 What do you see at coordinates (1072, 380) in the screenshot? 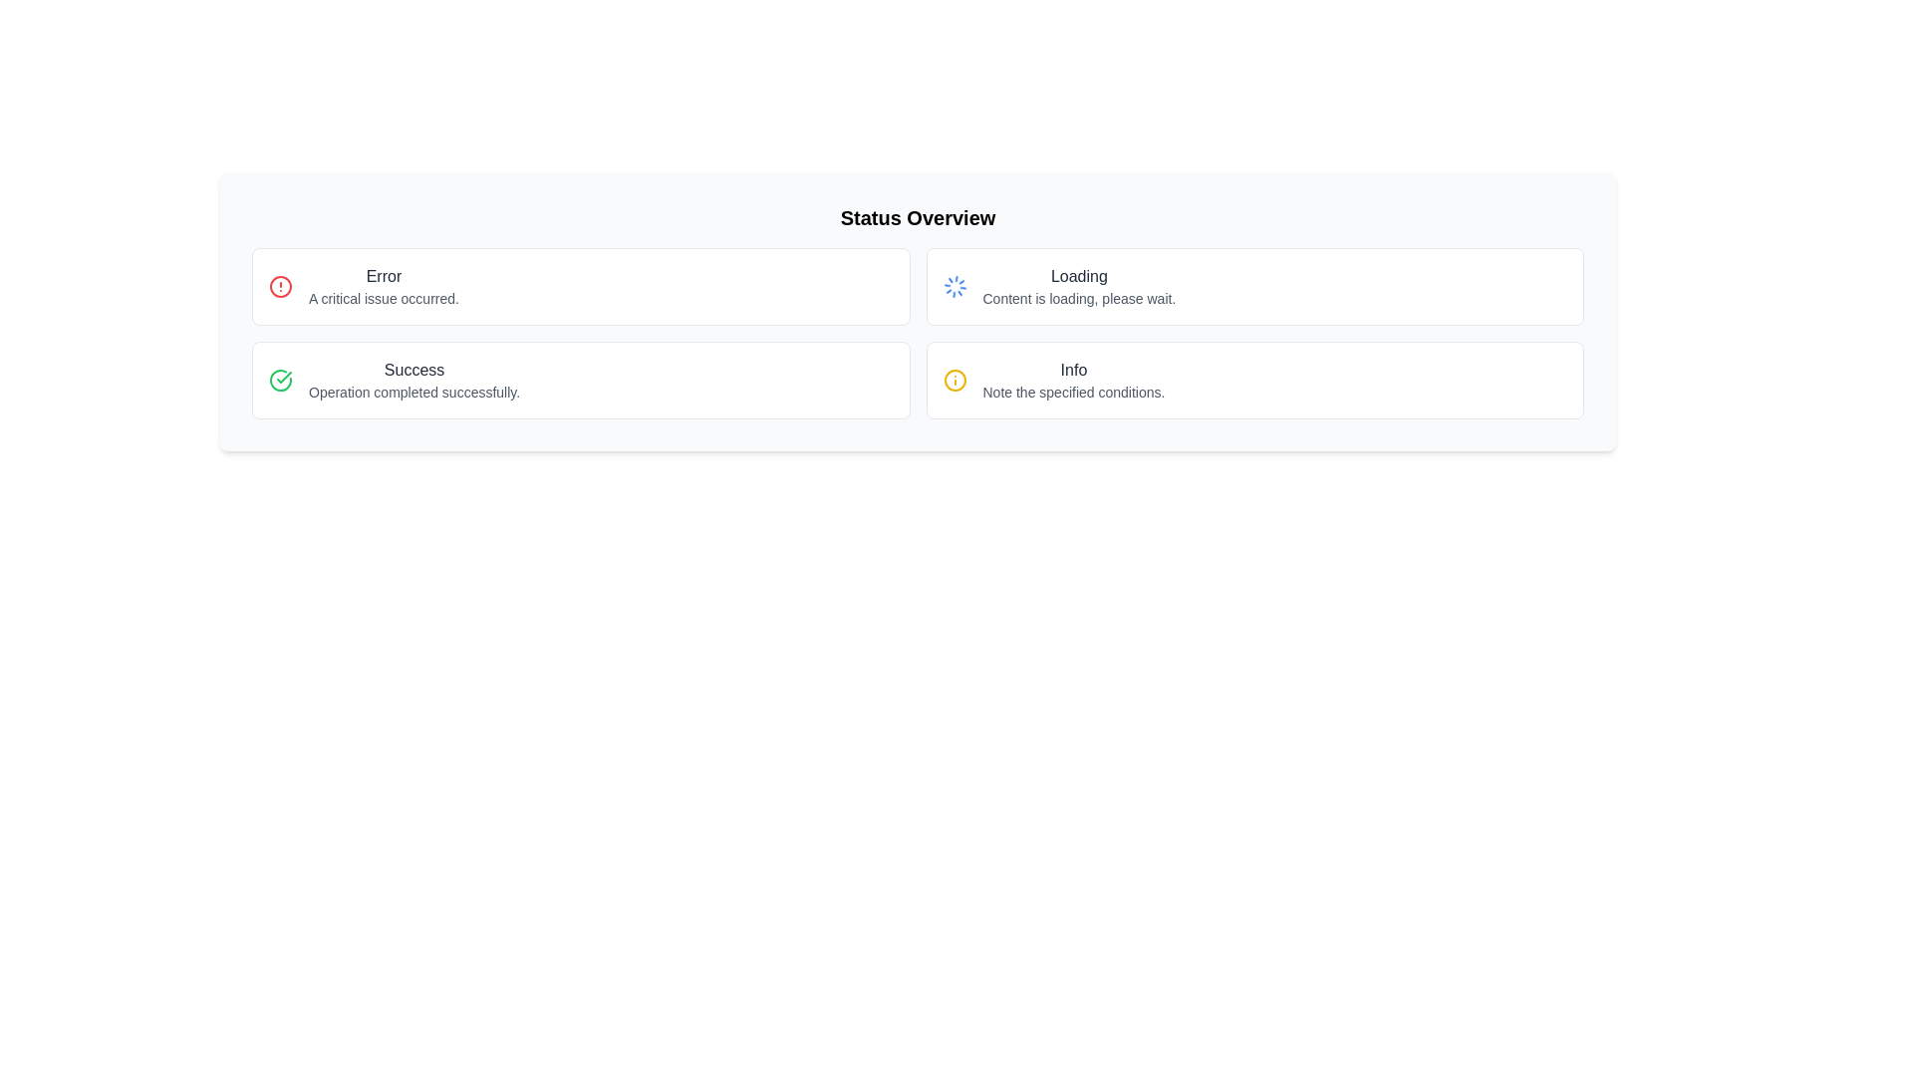
I see `the TextBlock located in the bottom-right card of the grid, which displays notifications and information, positioned below a yellow icon` at bounding box center [1072, 380].